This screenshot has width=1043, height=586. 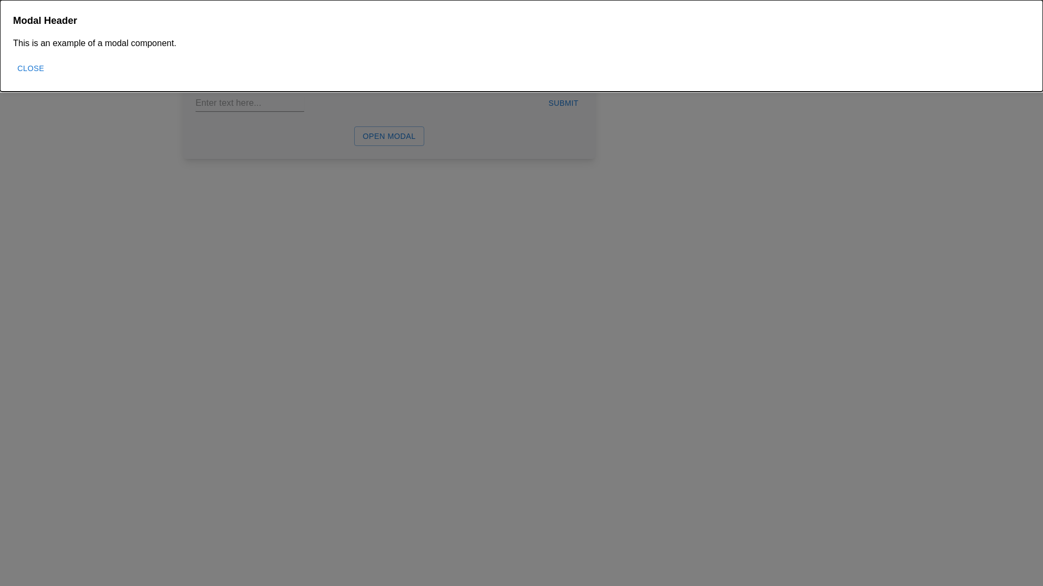 What do you see at coordinates (389, 135) in the screenshot?
I see `the button located in the middle section of the layout, directly below a text input field` at bounding box center [389, 135].